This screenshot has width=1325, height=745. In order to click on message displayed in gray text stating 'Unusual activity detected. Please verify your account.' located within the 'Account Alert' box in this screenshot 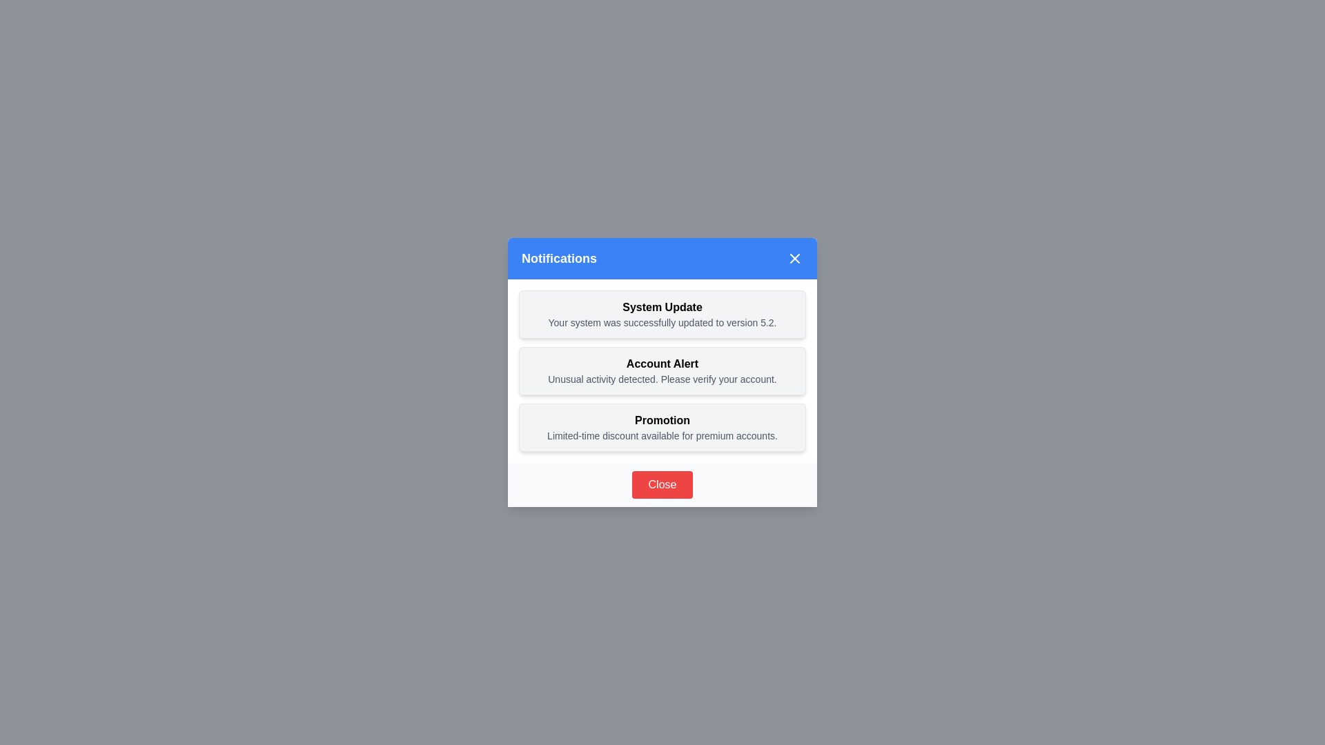, I will do `click(662, 379)`.